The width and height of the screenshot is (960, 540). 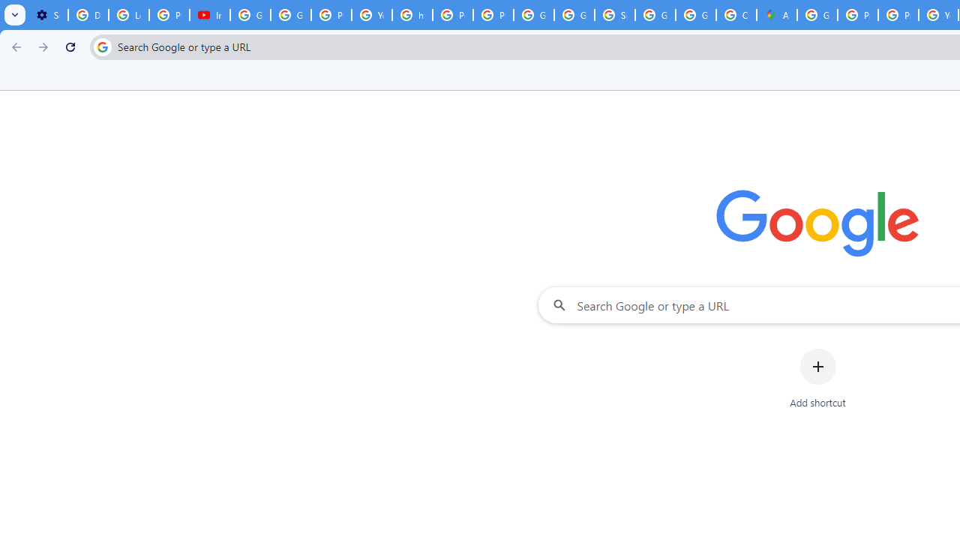 I want to click on 'Sign in - Google Accounts', so click(x=614, y=15).